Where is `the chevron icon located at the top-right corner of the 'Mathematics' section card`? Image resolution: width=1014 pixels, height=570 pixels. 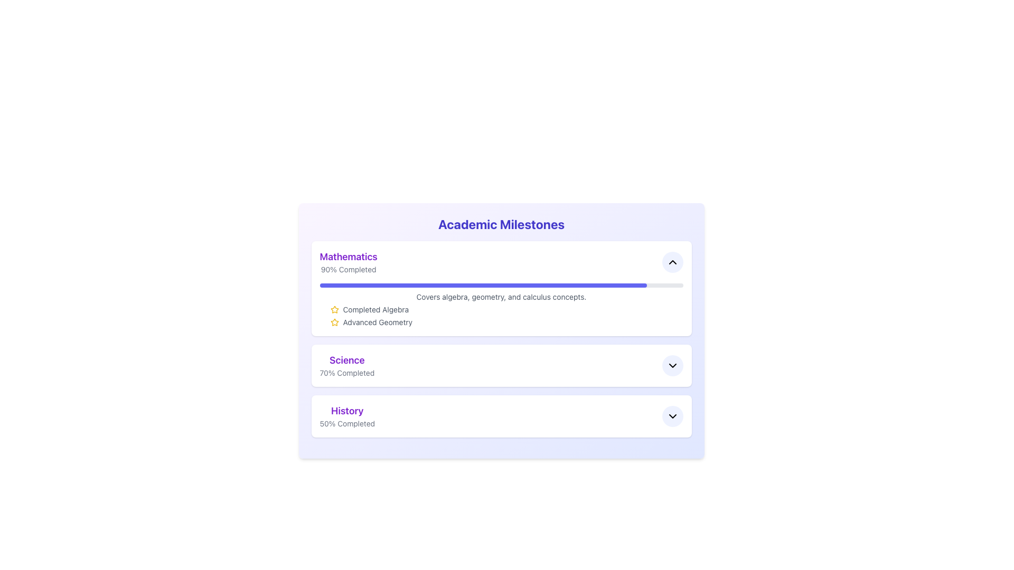 the chevron icon located at the top-right corner of the 'Mathematics' section card is located at coordinates (672, 262).